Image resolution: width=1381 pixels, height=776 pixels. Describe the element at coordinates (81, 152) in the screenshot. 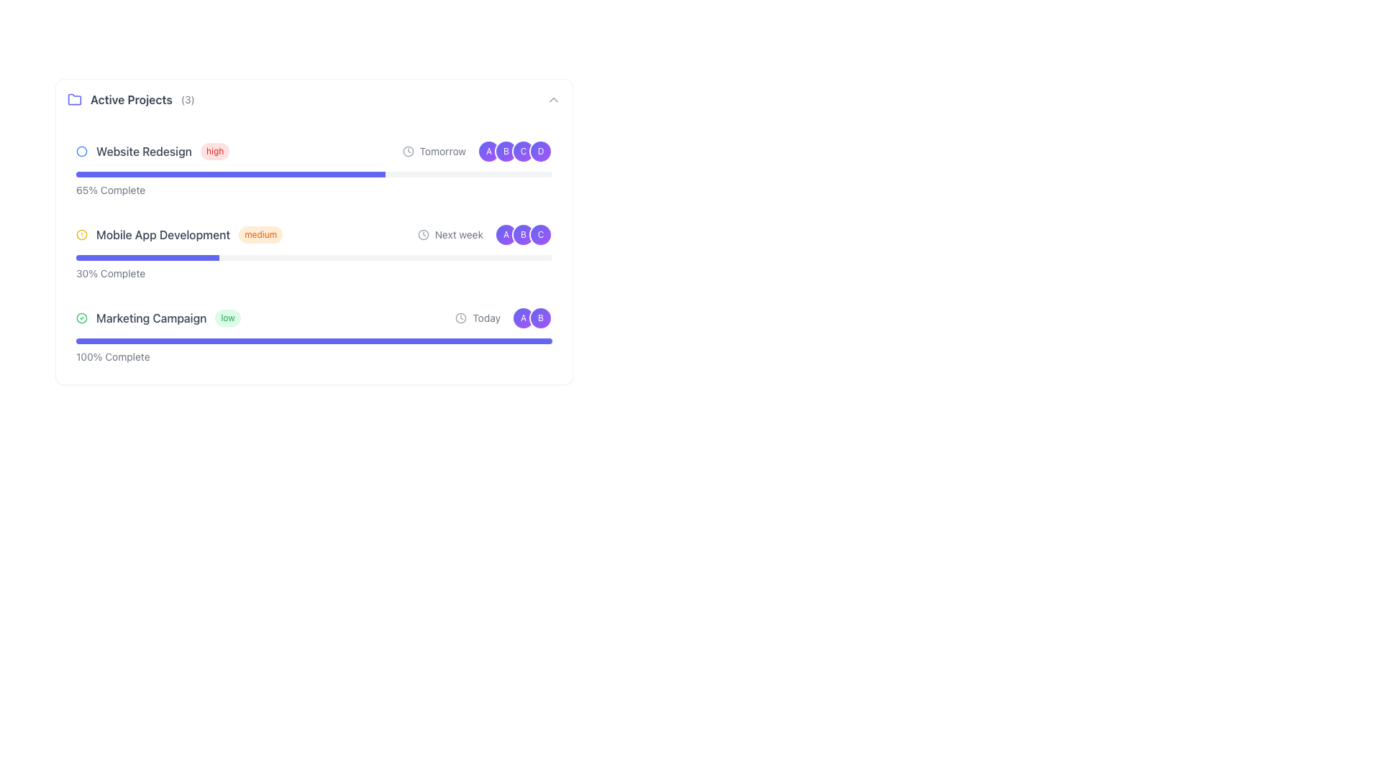

I see `the SVG circle element that serves as a visual indicator for the completion status of a task in the 'Marketing Campaign' section of the project list` at that location.